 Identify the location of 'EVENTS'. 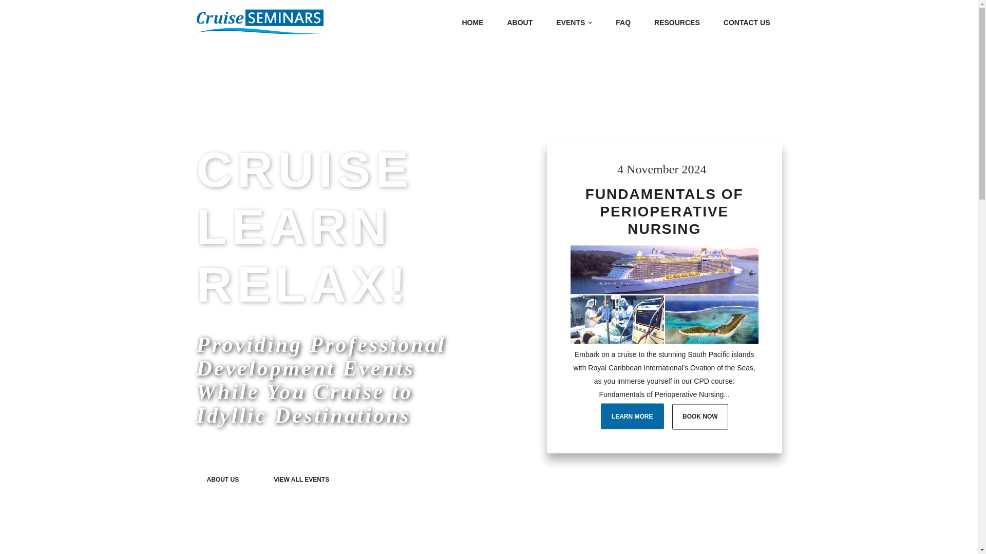
(574, 22).